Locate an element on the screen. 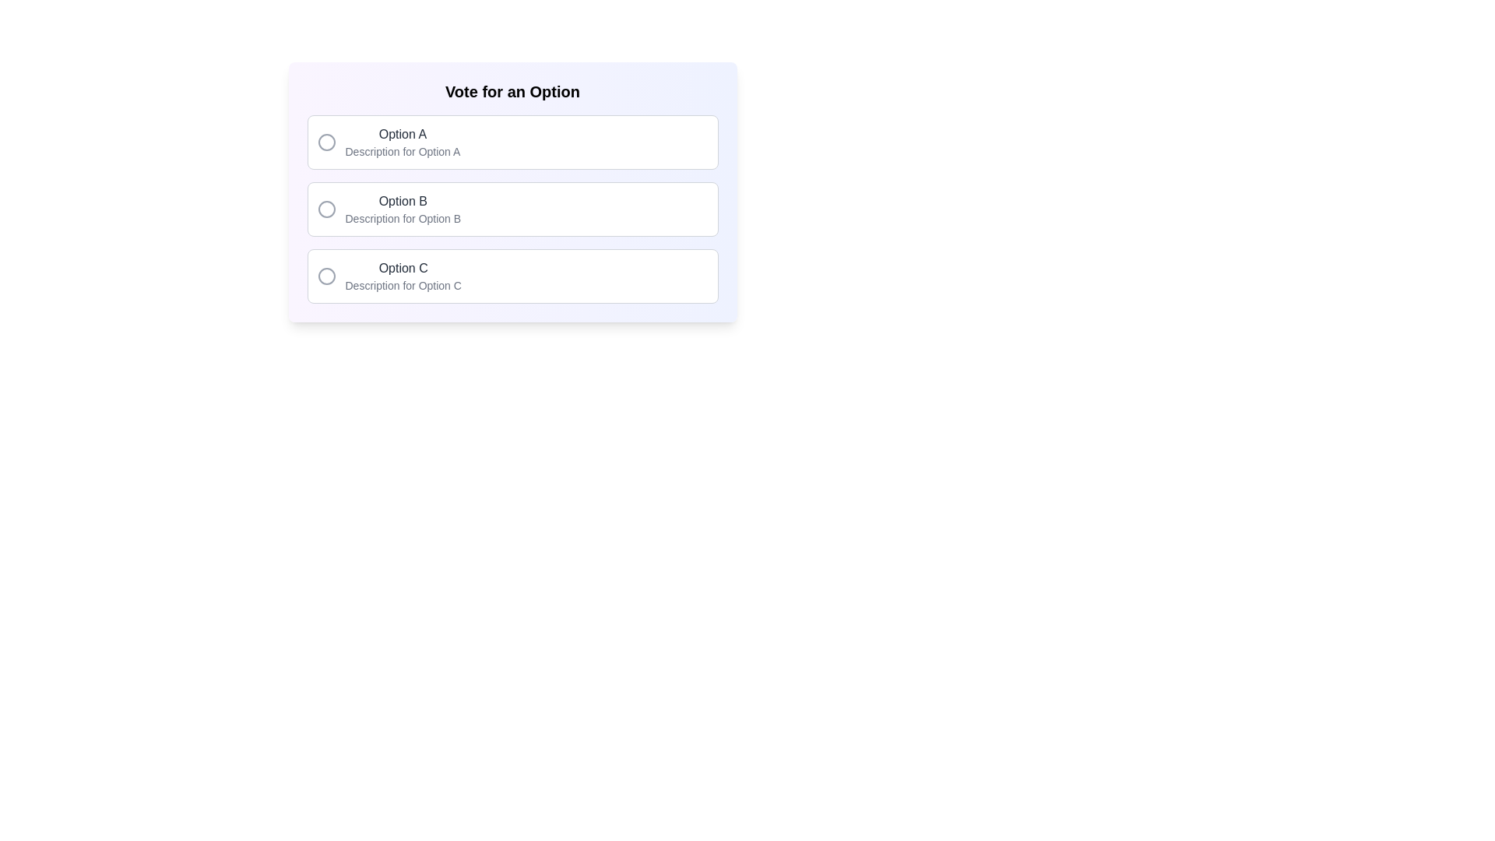 The height and width of the screenshot is (841, 1495). the text label providing additional descriptive information about 'Option A' located under 'Vote for an Option' is located at coordinates (403, 152).